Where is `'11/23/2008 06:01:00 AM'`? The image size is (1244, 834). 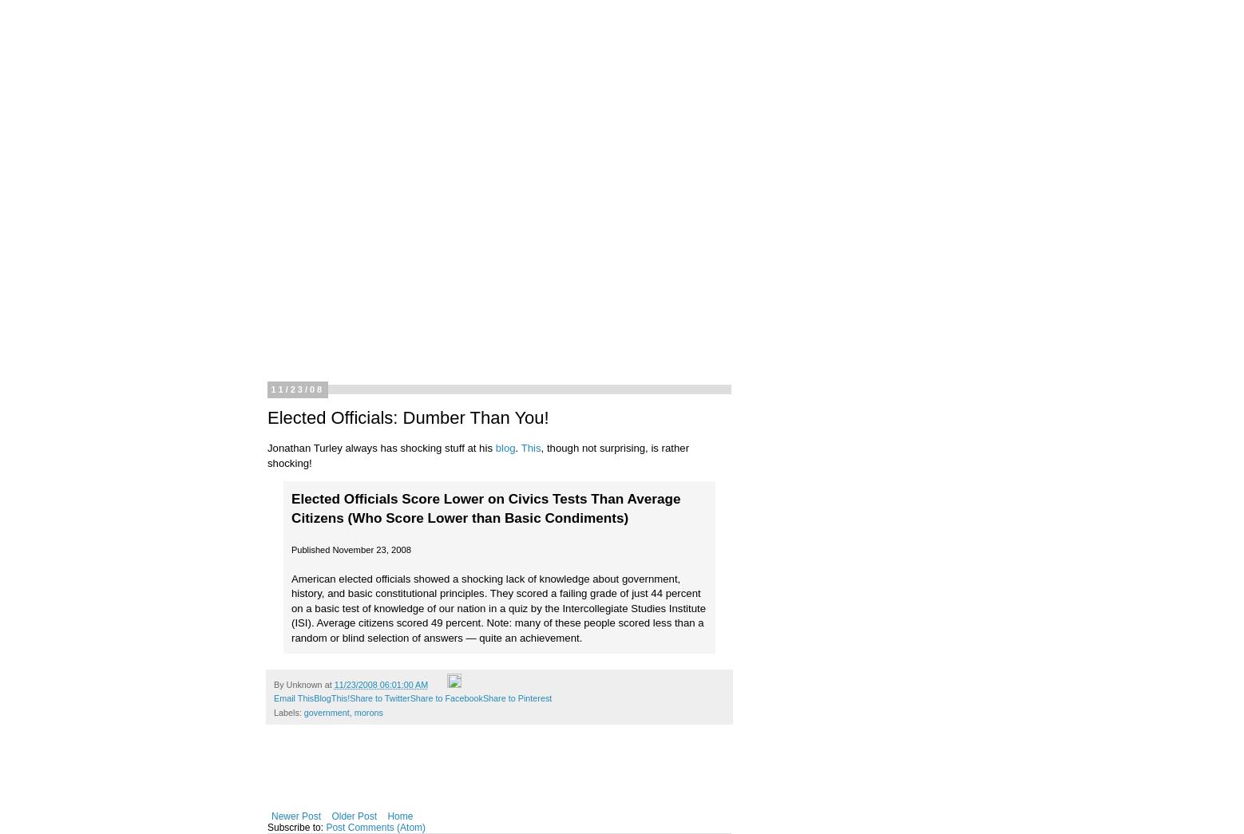
'11/23/2008 06:01:00 AM' is located at coordinates (333, 684).